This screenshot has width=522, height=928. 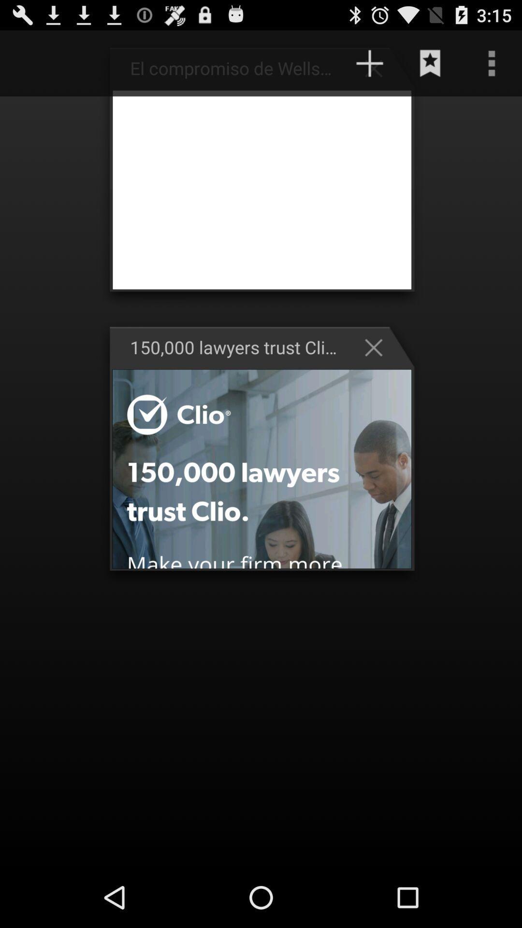 I want to click on the second image, so click(x=262, y=469).